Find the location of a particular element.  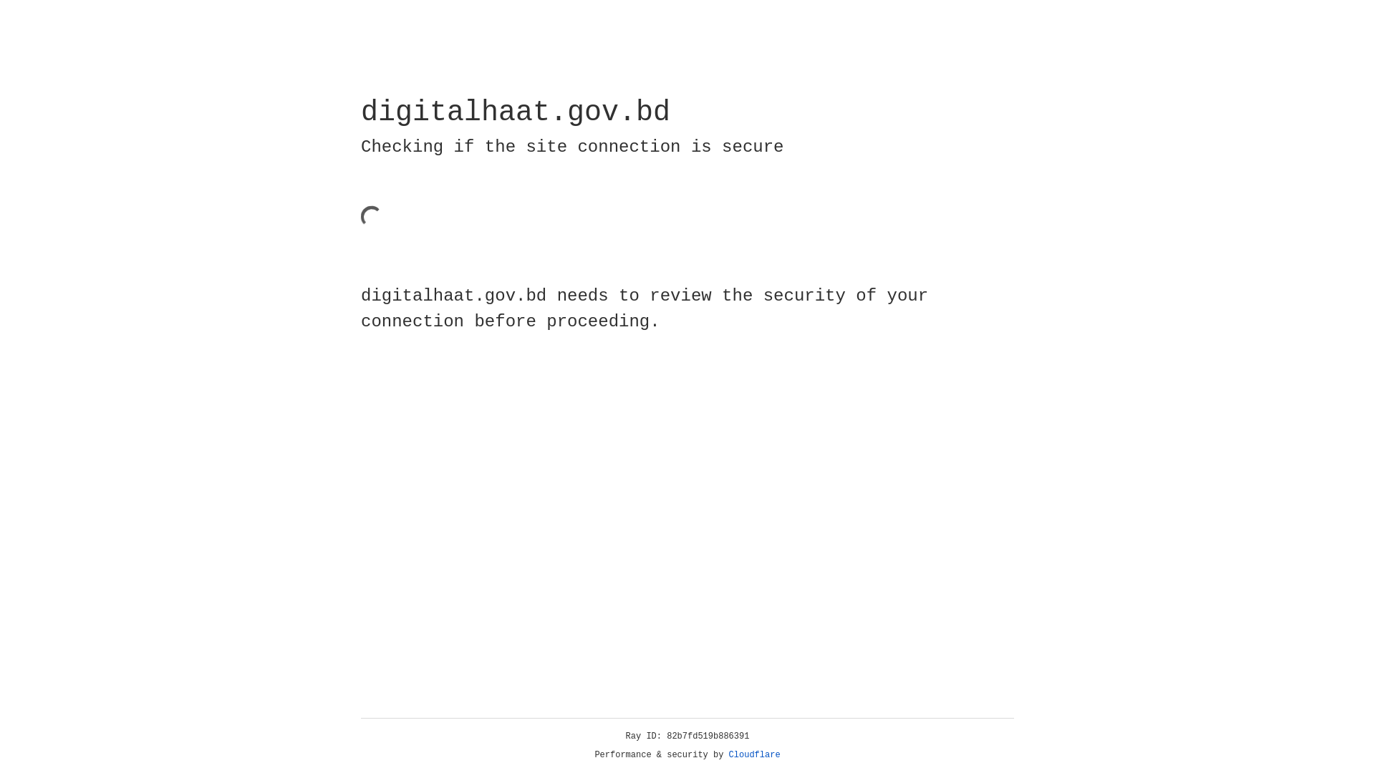

'Cloudflare' is located at coordinates (754, 754).